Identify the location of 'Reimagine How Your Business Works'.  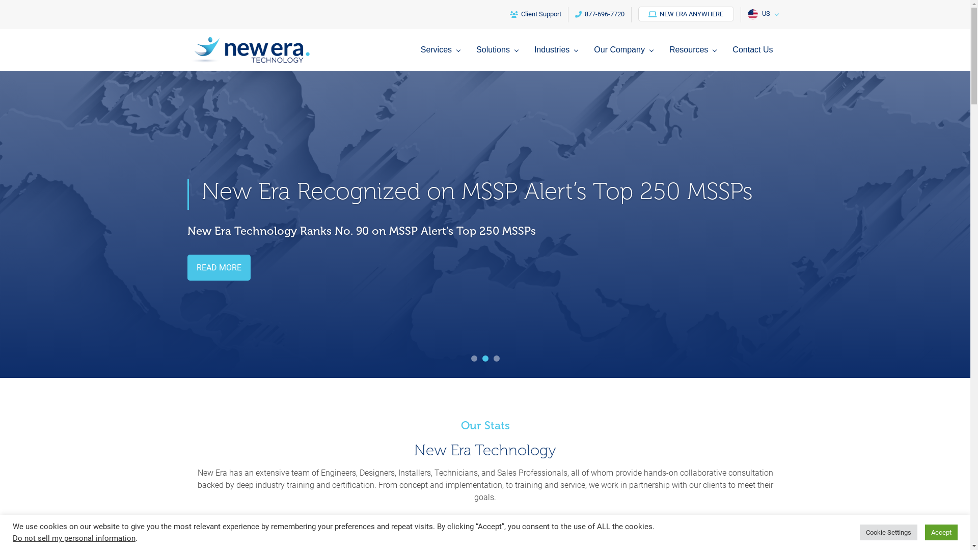
(201, 191).